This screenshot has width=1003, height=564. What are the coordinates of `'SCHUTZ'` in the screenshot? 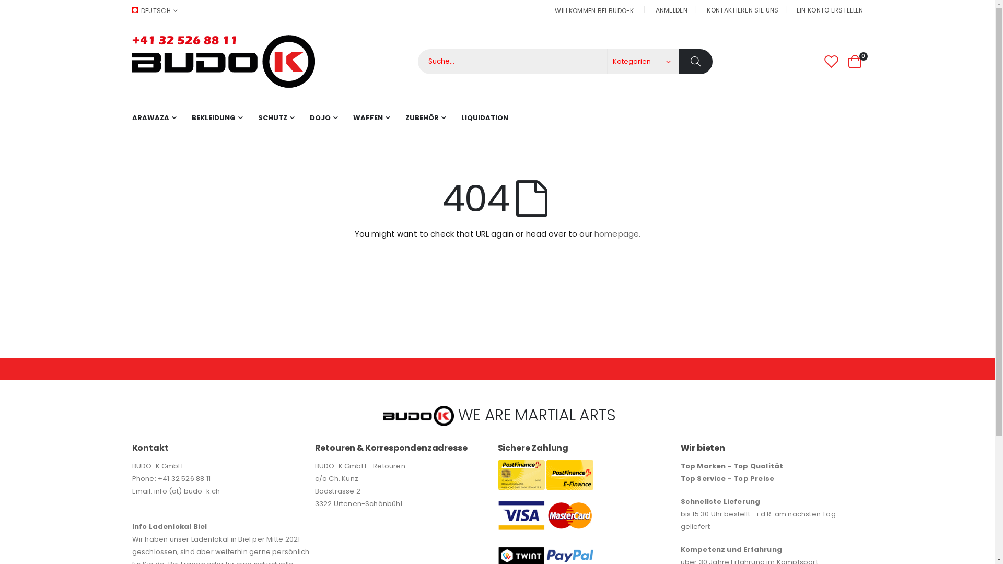 It's located at (276, 118).